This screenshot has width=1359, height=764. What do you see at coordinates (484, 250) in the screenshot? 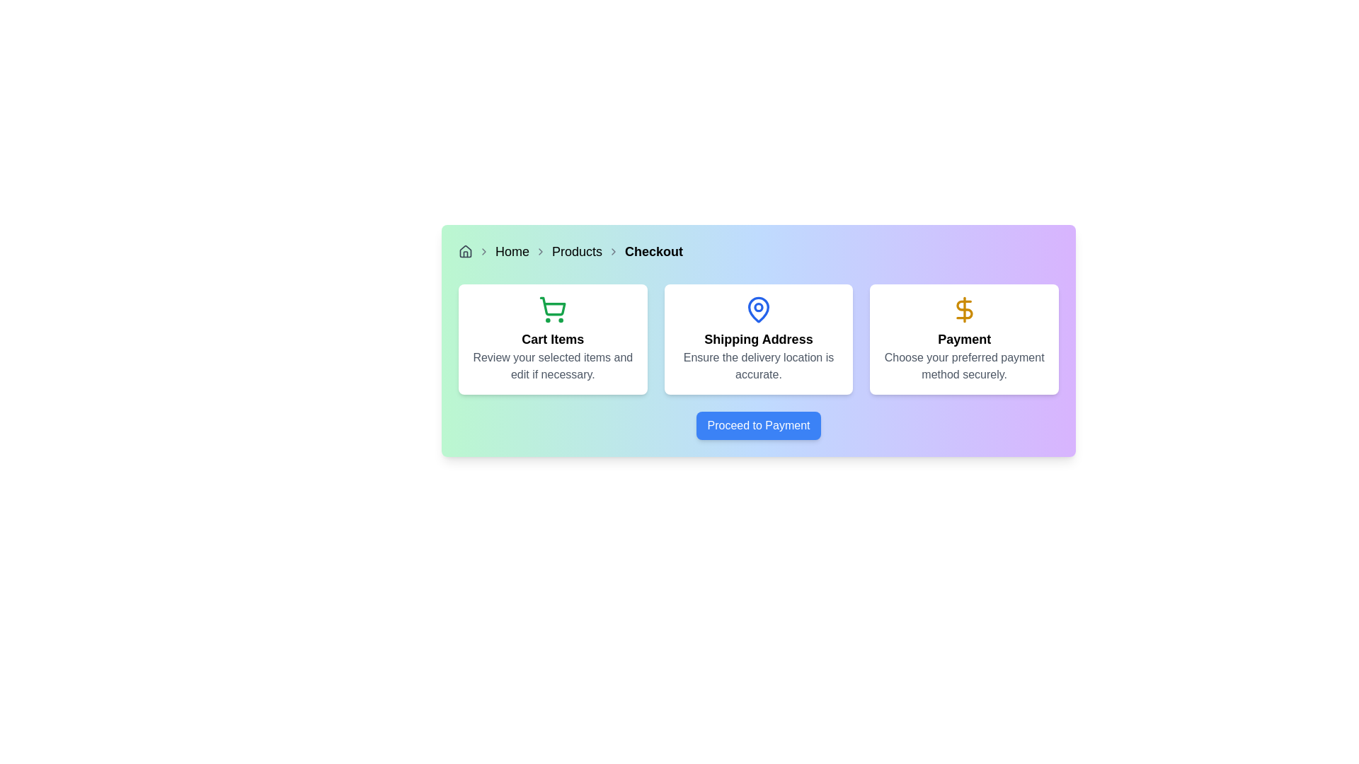
I see `the first chevron icon in the breadcrumb navigation, which visually separates 'Home' from subsequent items` at bounding box center [484, 250].